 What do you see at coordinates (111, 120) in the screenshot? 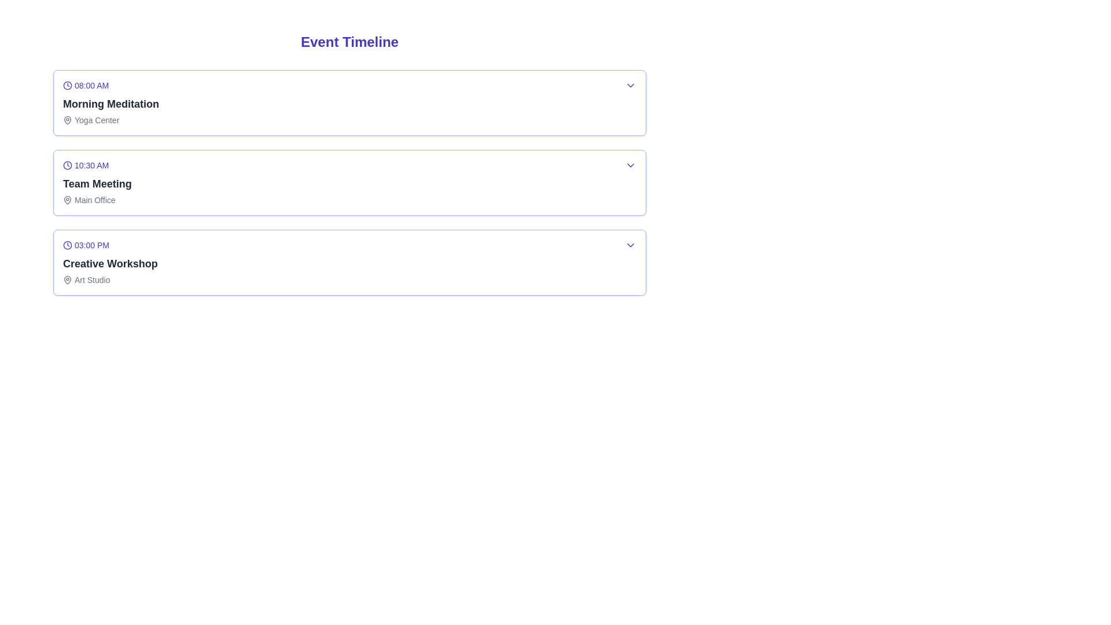
I see `the text label displaying 'Yoga Center', which is styled with a smaller font size and light gray color, located to the right of a pin icon and below the event title 'Morning Meditation'` at bounding box center [111, 120].